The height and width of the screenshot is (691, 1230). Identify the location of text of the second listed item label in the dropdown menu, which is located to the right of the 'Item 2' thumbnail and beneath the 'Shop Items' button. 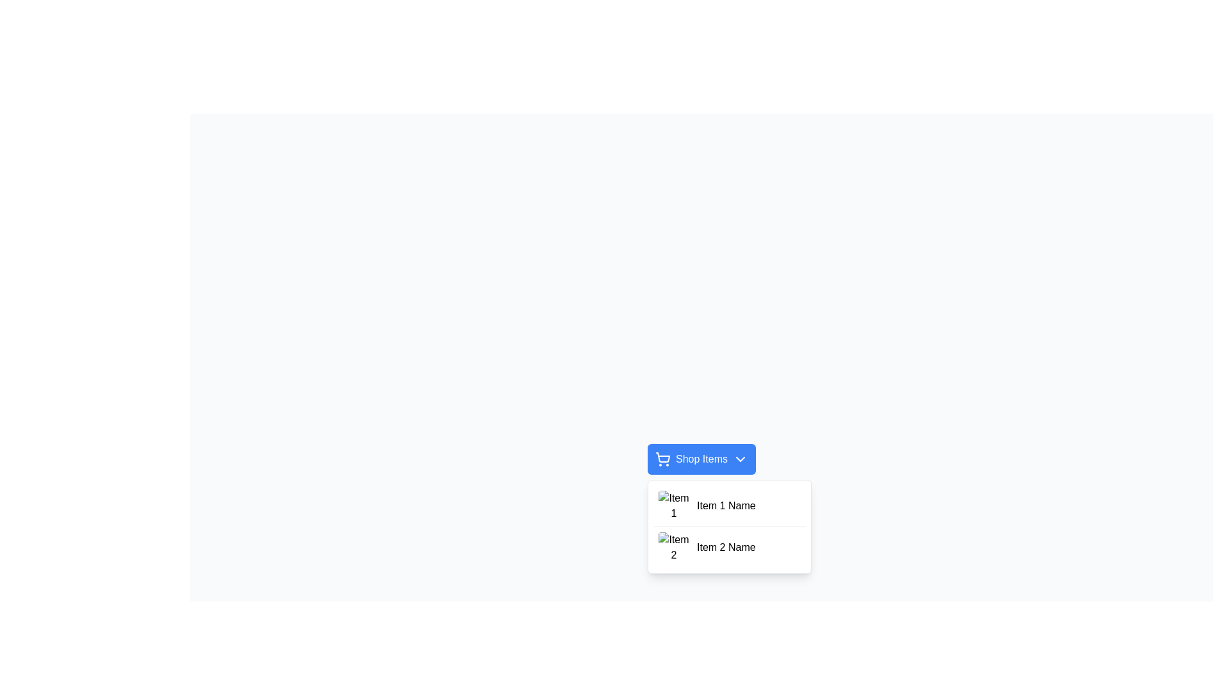
(726, 547).